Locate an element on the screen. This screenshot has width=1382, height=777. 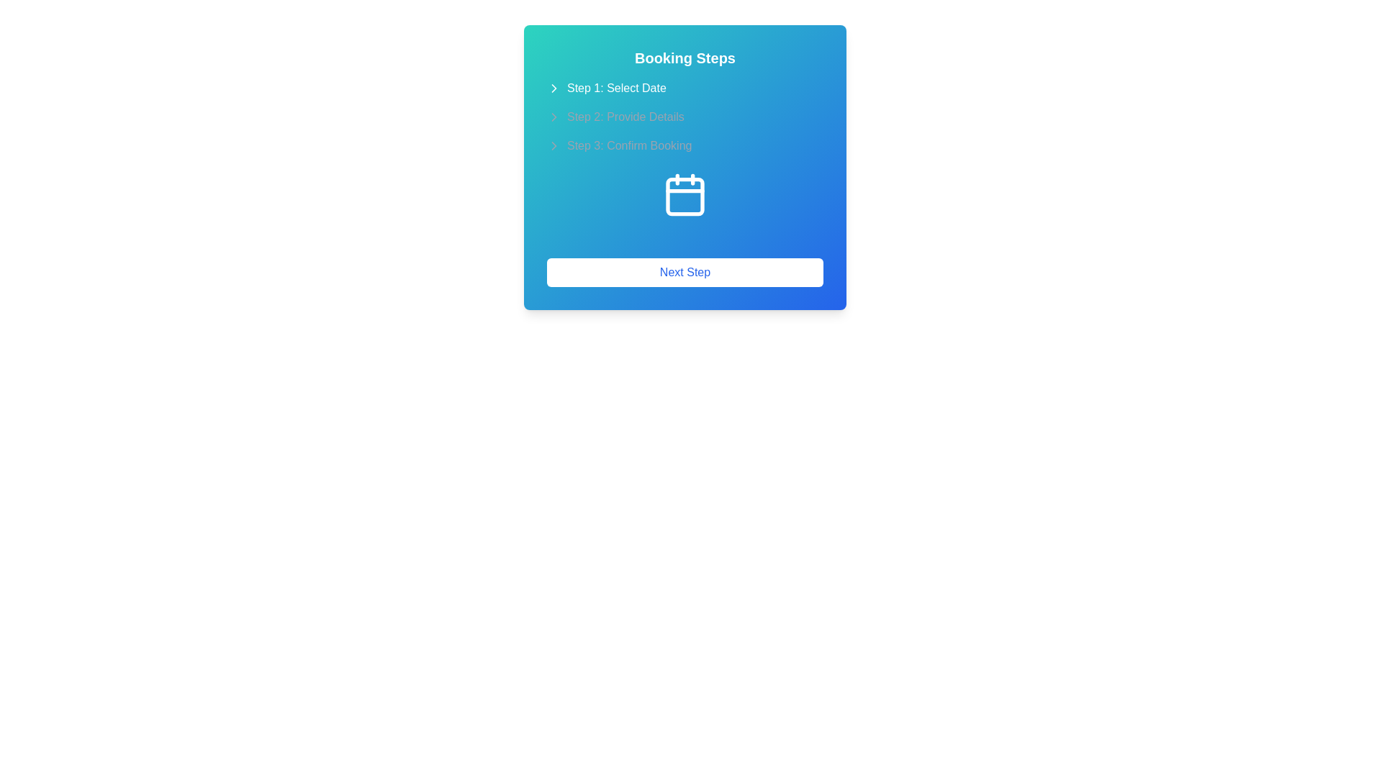
the static text label that reads 'Step 3: Confirm Booking.', which is styled in muted gray and positioned below 'Step 2: Provide Details' is located at coordinates (629, 146).